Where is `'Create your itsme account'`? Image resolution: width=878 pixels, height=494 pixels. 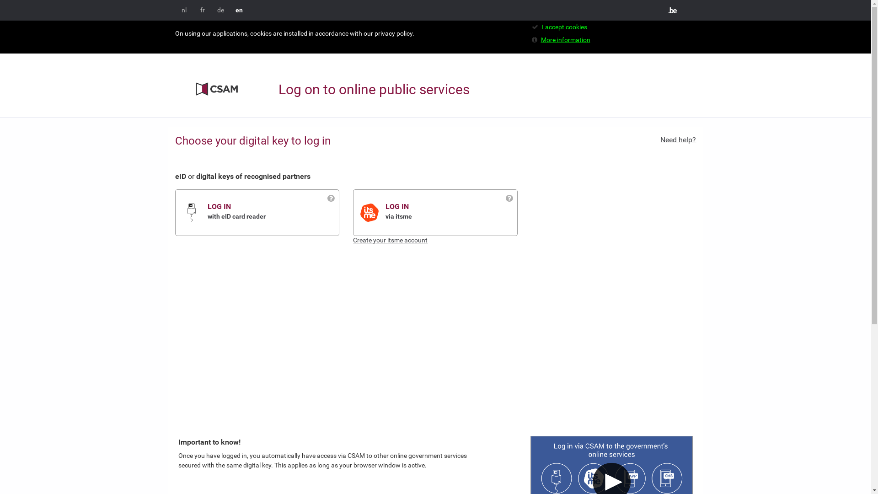
'Create your itsme account' is located at coordinates (390, 239).